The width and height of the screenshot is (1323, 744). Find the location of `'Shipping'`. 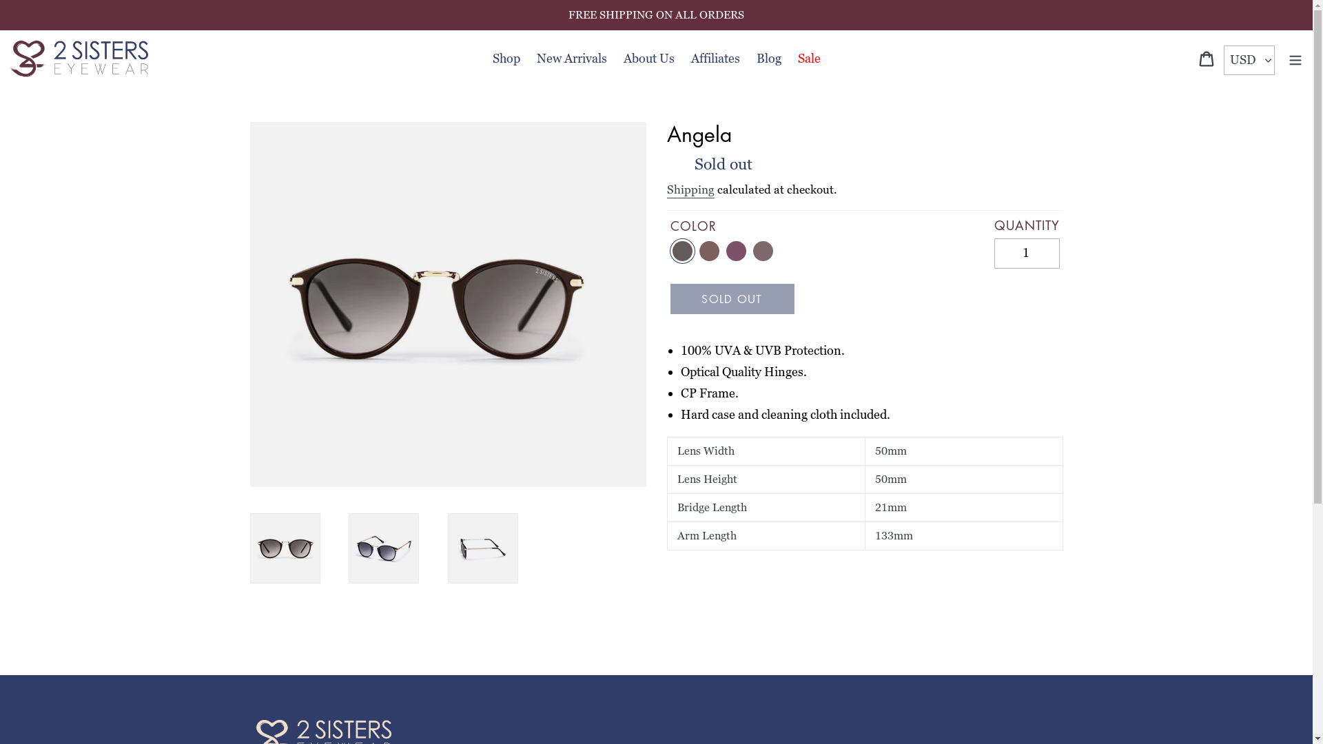

'Shipping' is located at coordinates (690, 190).